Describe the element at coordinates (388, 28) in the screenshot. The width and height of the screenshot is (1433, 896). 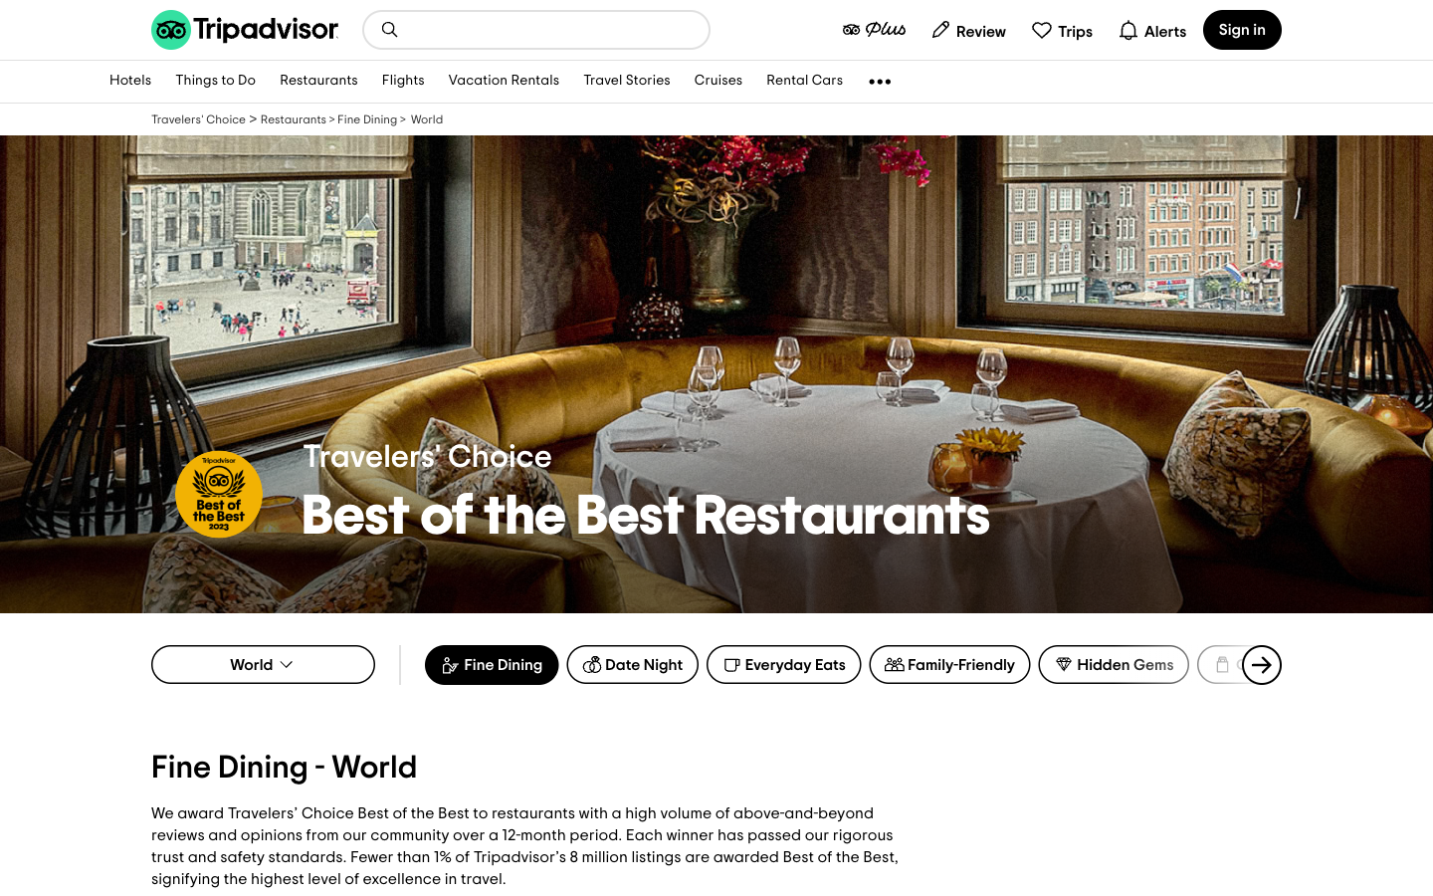
I see `Search for accommodations in close proximity` at that location.